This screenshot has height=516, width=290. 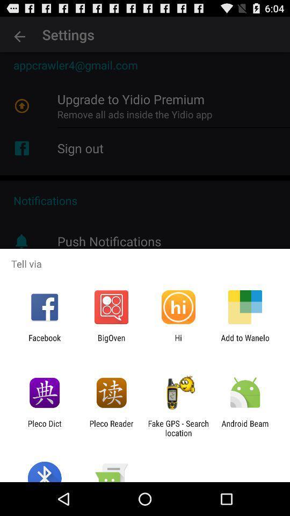 What do you see at coordinates (111, 428) in the screenshot?
I see `the icon to the right of the pleco dict item` at bounding box center [111, 428].